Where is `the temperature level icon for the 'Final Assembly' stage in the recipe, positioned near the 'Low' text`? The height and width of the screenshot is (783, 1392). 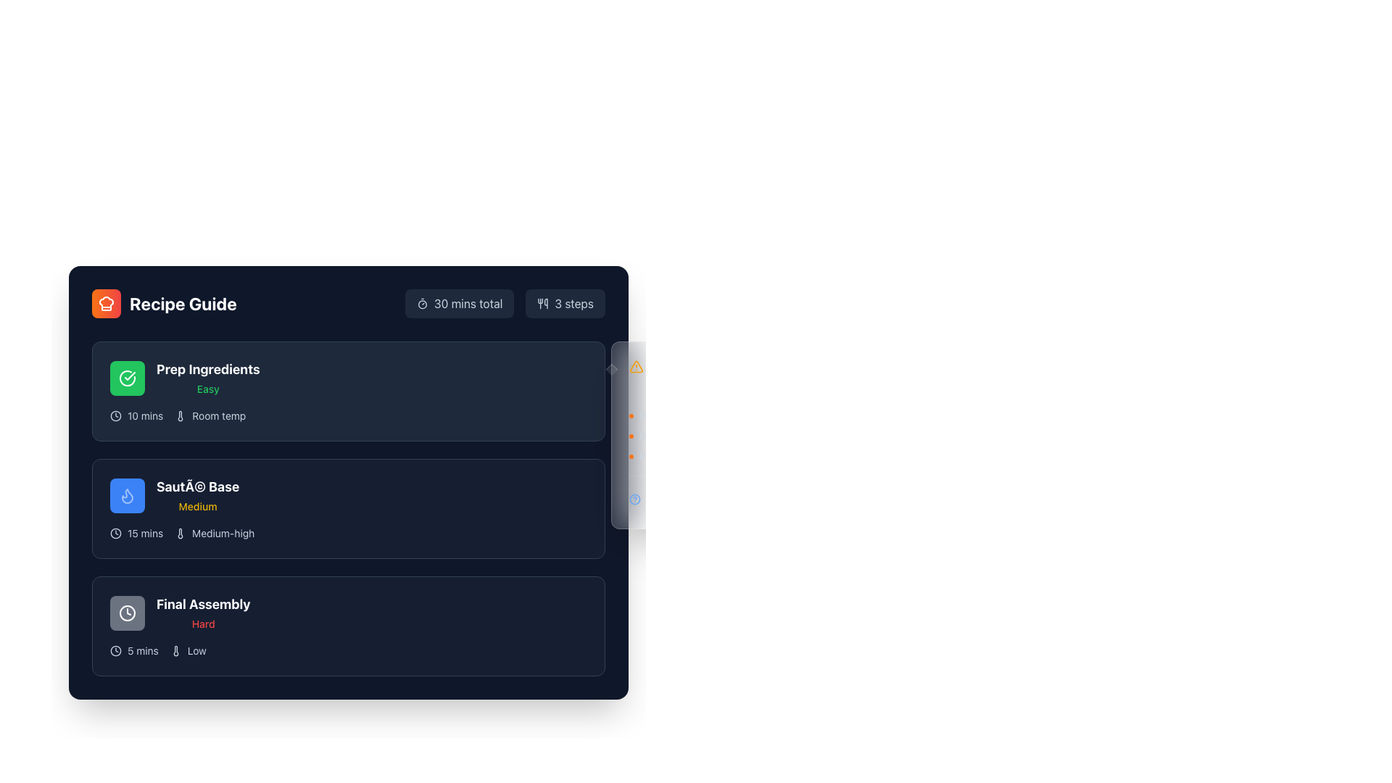
the temperature level icon for the 'Final Assembly' stage in the recipe, positioned near the 'Low' text is located at coordinates (175, 650).